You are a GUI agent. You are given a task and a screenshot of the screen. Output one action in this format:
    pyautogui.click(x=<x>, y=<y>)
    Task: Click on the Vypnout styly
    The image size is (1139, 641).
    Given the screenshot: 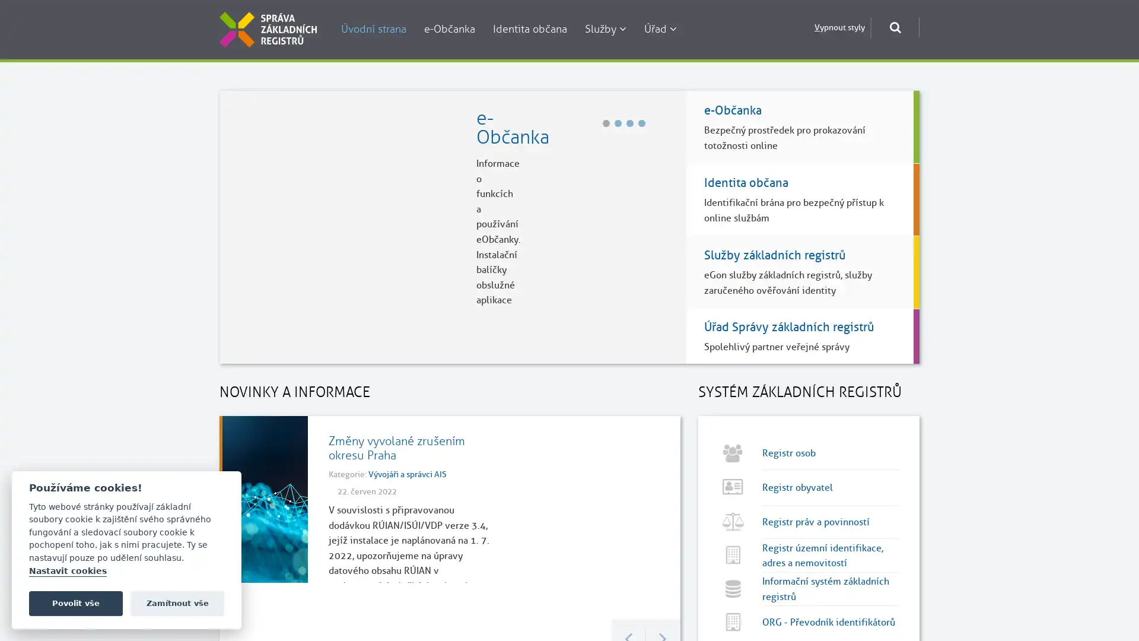 What is the action you would take?
    pyautogui.click(x=839, y=27)
    